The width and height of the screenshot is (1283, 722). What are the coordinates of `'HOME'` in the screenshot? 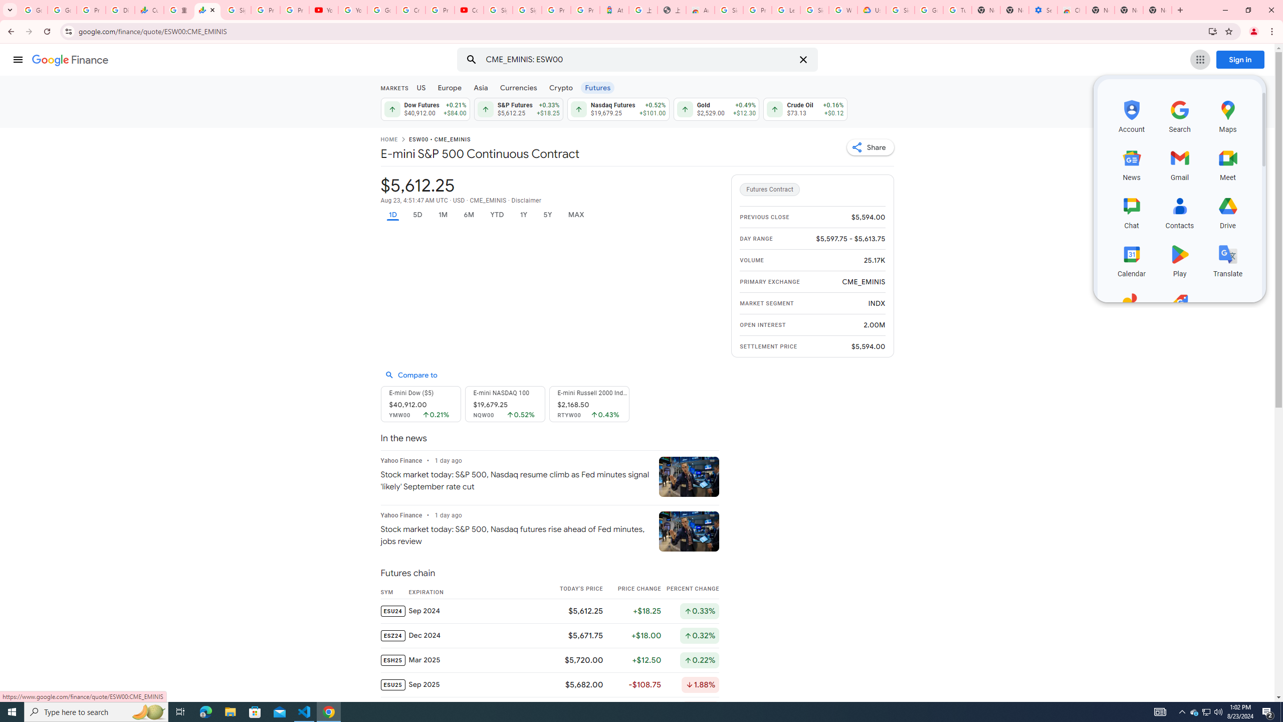 It's located at (388, 140).